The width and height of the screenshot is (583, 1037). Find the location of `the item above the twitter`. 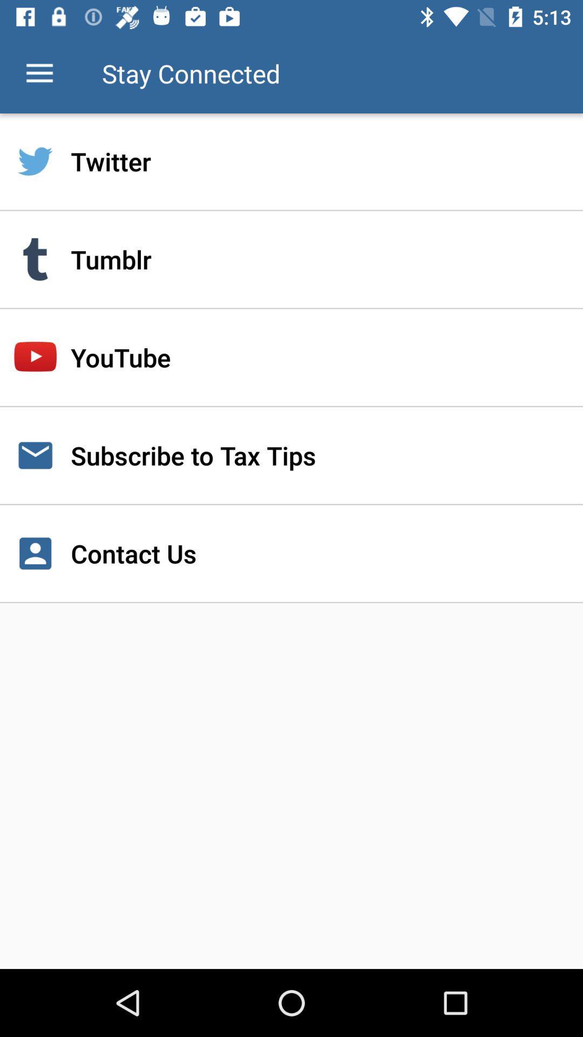

the item above the twitter is located at coordinates (39, 73).